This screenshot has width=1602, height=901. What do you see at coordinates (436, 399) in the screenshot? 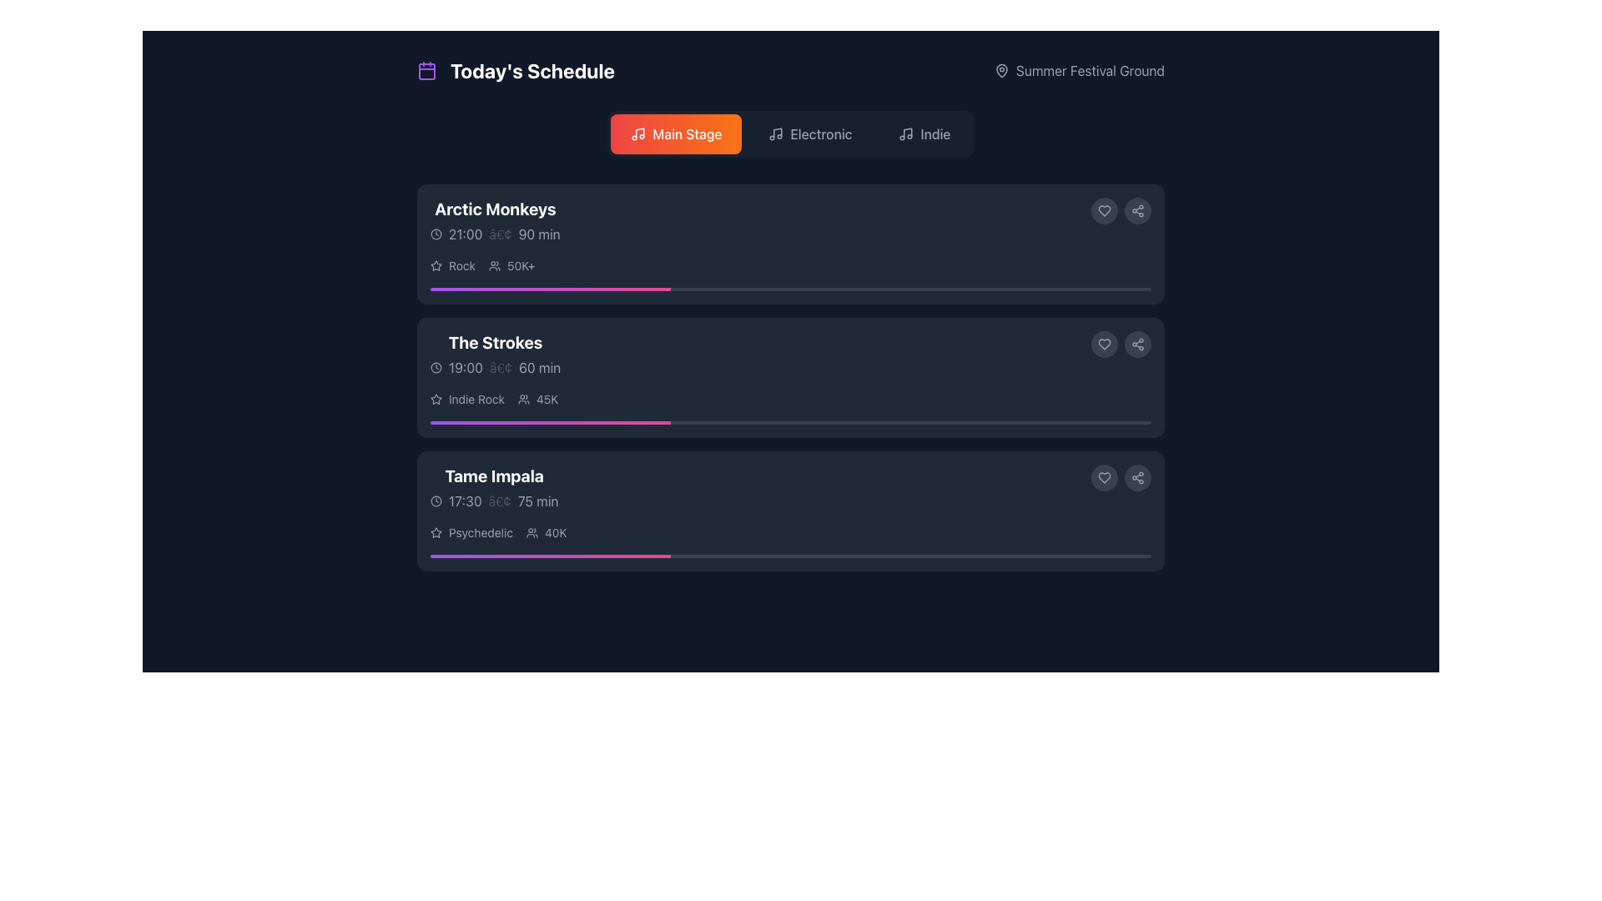
I see `the star-shaped icon outlined in a neutral color, located next to the text 'Indie Rock' in the second list item of the schedule` at bounding box center [436, 399].